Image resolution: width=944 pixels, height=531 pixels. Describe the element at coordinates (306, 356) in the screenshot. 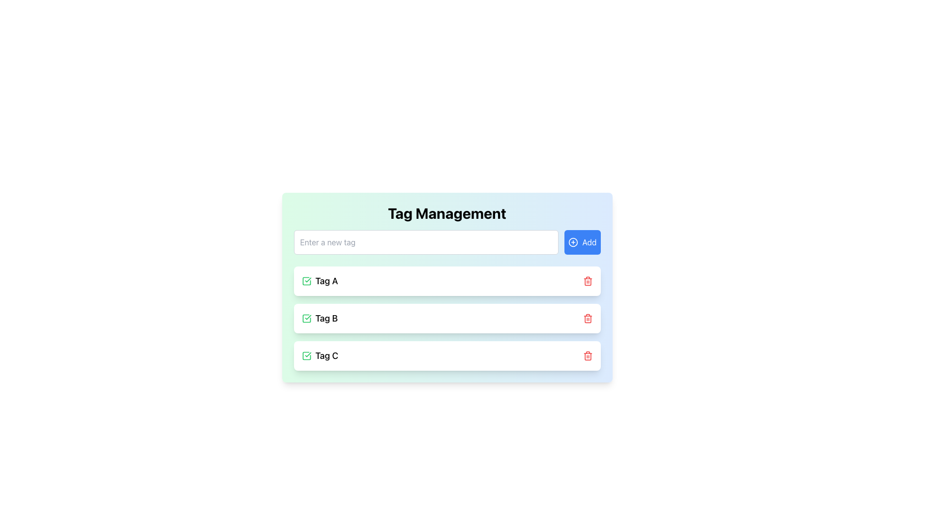

I see `the icon indicating that 'Tag C' is selected or active, which is located to the left of the tag label text` at that location.